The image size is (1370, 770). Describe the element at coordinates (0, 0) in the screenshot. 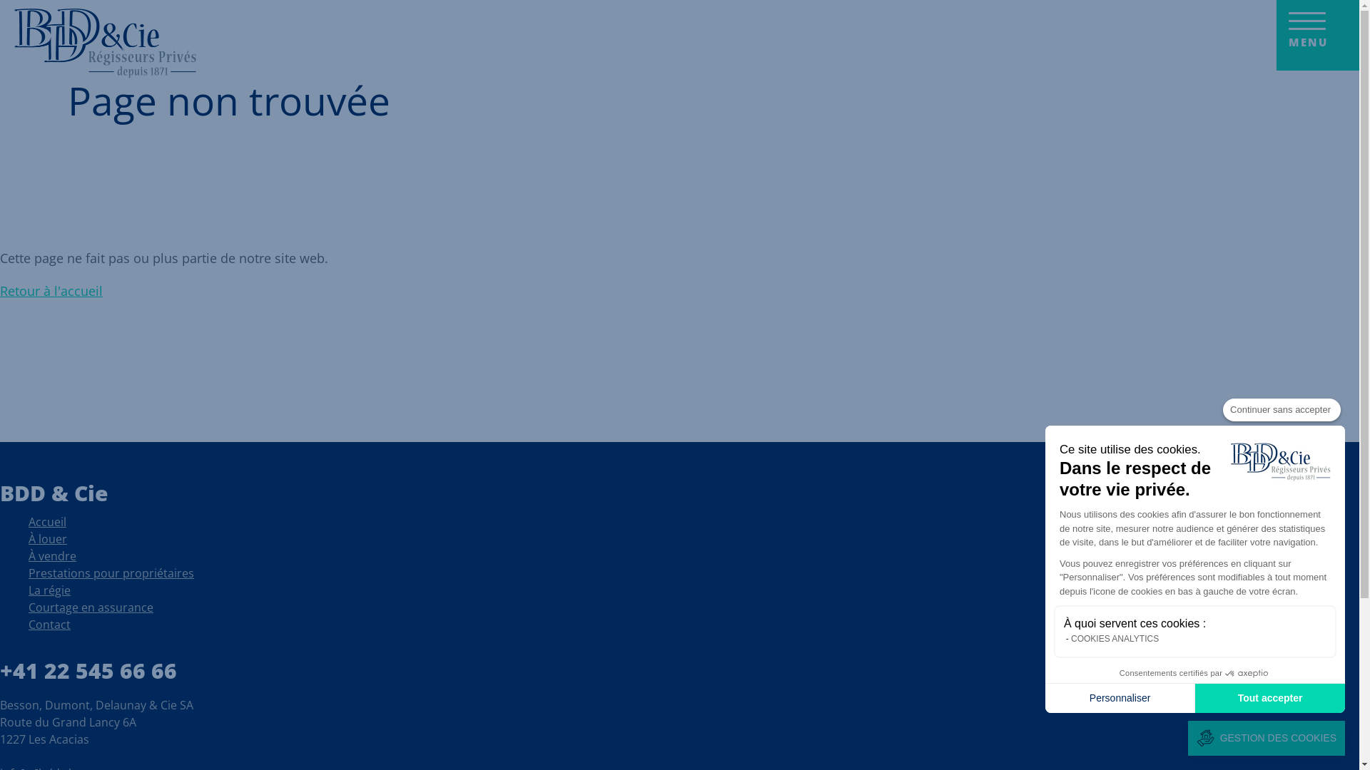

I see `'Aller au contenu principal'` at that location.